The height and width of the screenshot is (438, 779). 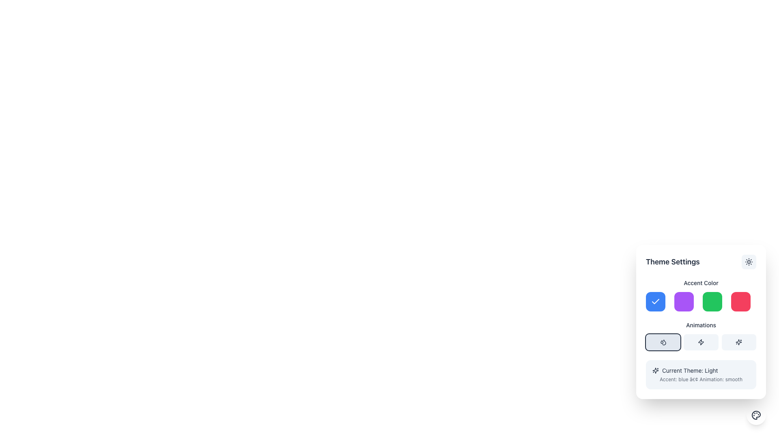 What do you see at coordinates (701, 322) in the screenshot?
I see `the text label titled 'Animations' located in the 'Theme Settings' card, which is positioned below the 'Accent Color' section` at bounding box center [701, 322].